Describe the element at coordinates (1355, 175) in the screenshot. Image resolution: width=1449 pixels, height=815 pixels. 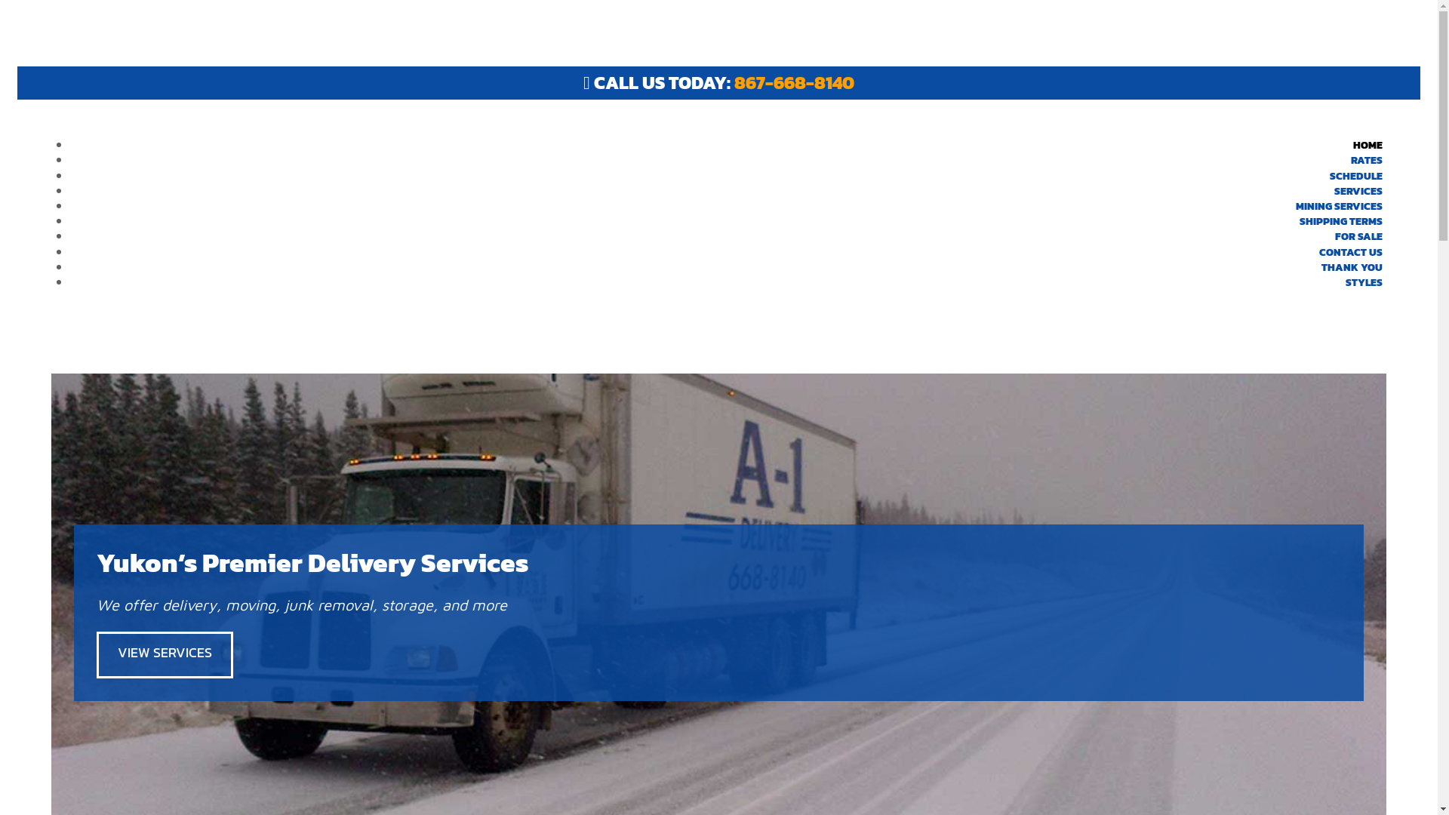
I see `'SCHEDULE'` at that location.